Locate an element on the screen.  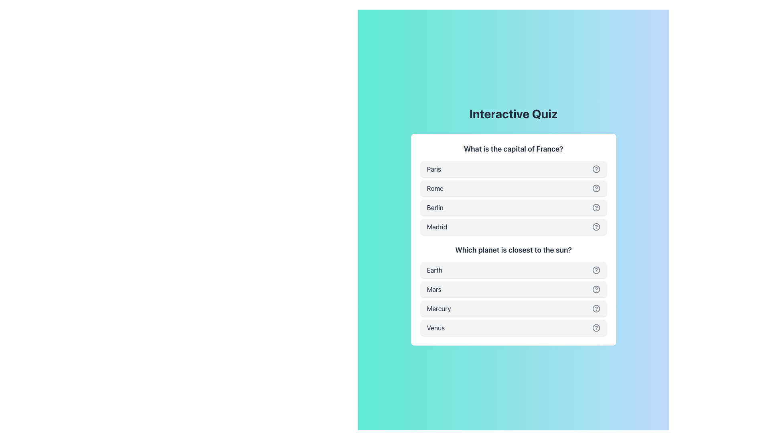
the help icon located at the far right of the row labeled 'Madrid' is located at coordinates (596, 227).